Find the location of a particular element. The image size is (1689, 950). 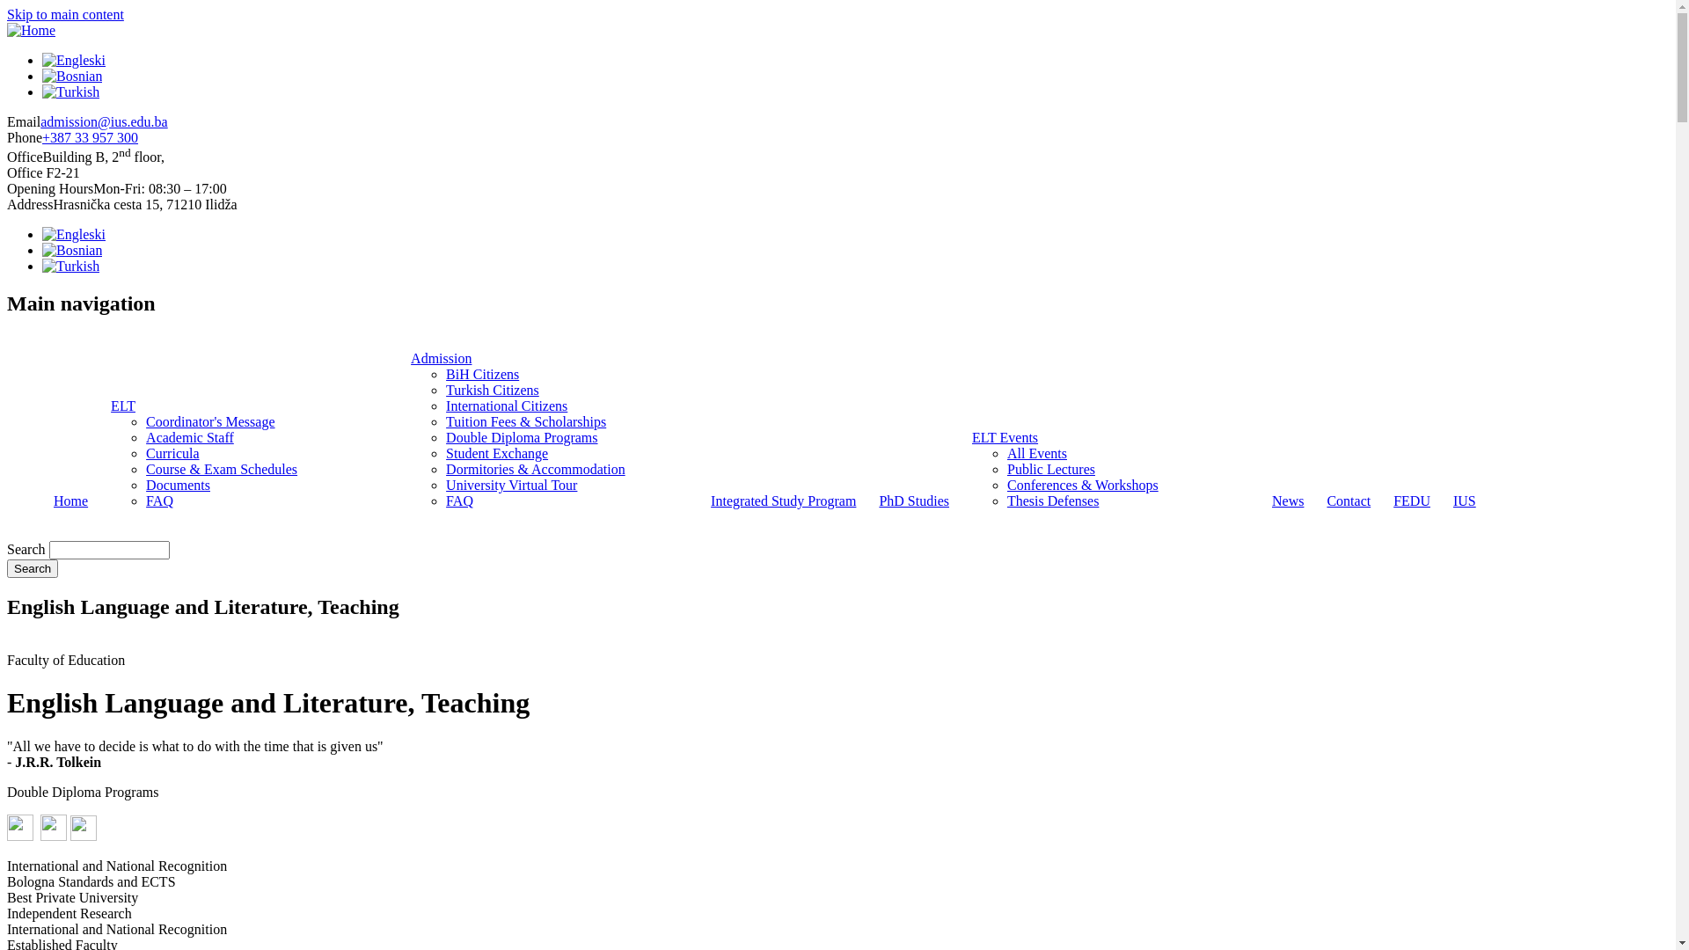

'Turkish Citizens' is located at coordinates (493, 389).